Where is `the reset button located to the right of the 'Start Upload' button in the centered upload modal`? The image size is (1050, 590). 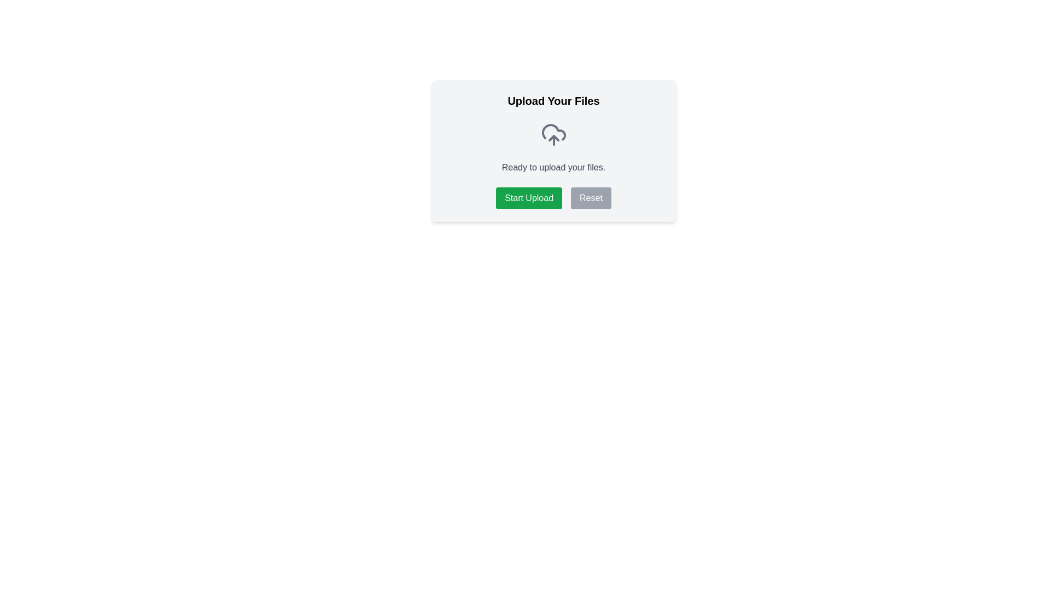 the reset button located to the right of the 'Start Upload' button in the centered upload modal is located at coordinates (590, 198).